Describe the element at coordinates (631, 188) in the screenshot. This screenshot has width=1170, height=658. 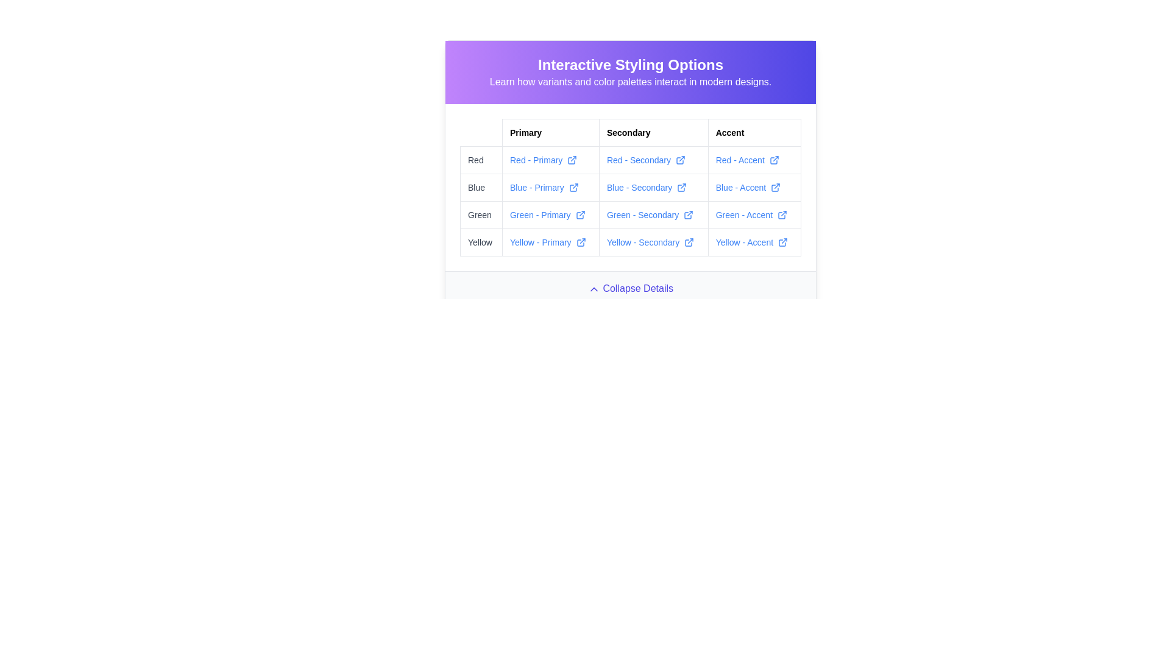
I see `the links within the structured grid component that displays color variants and their classifications, located below the 'Interactive Styling Options' header` at that location.